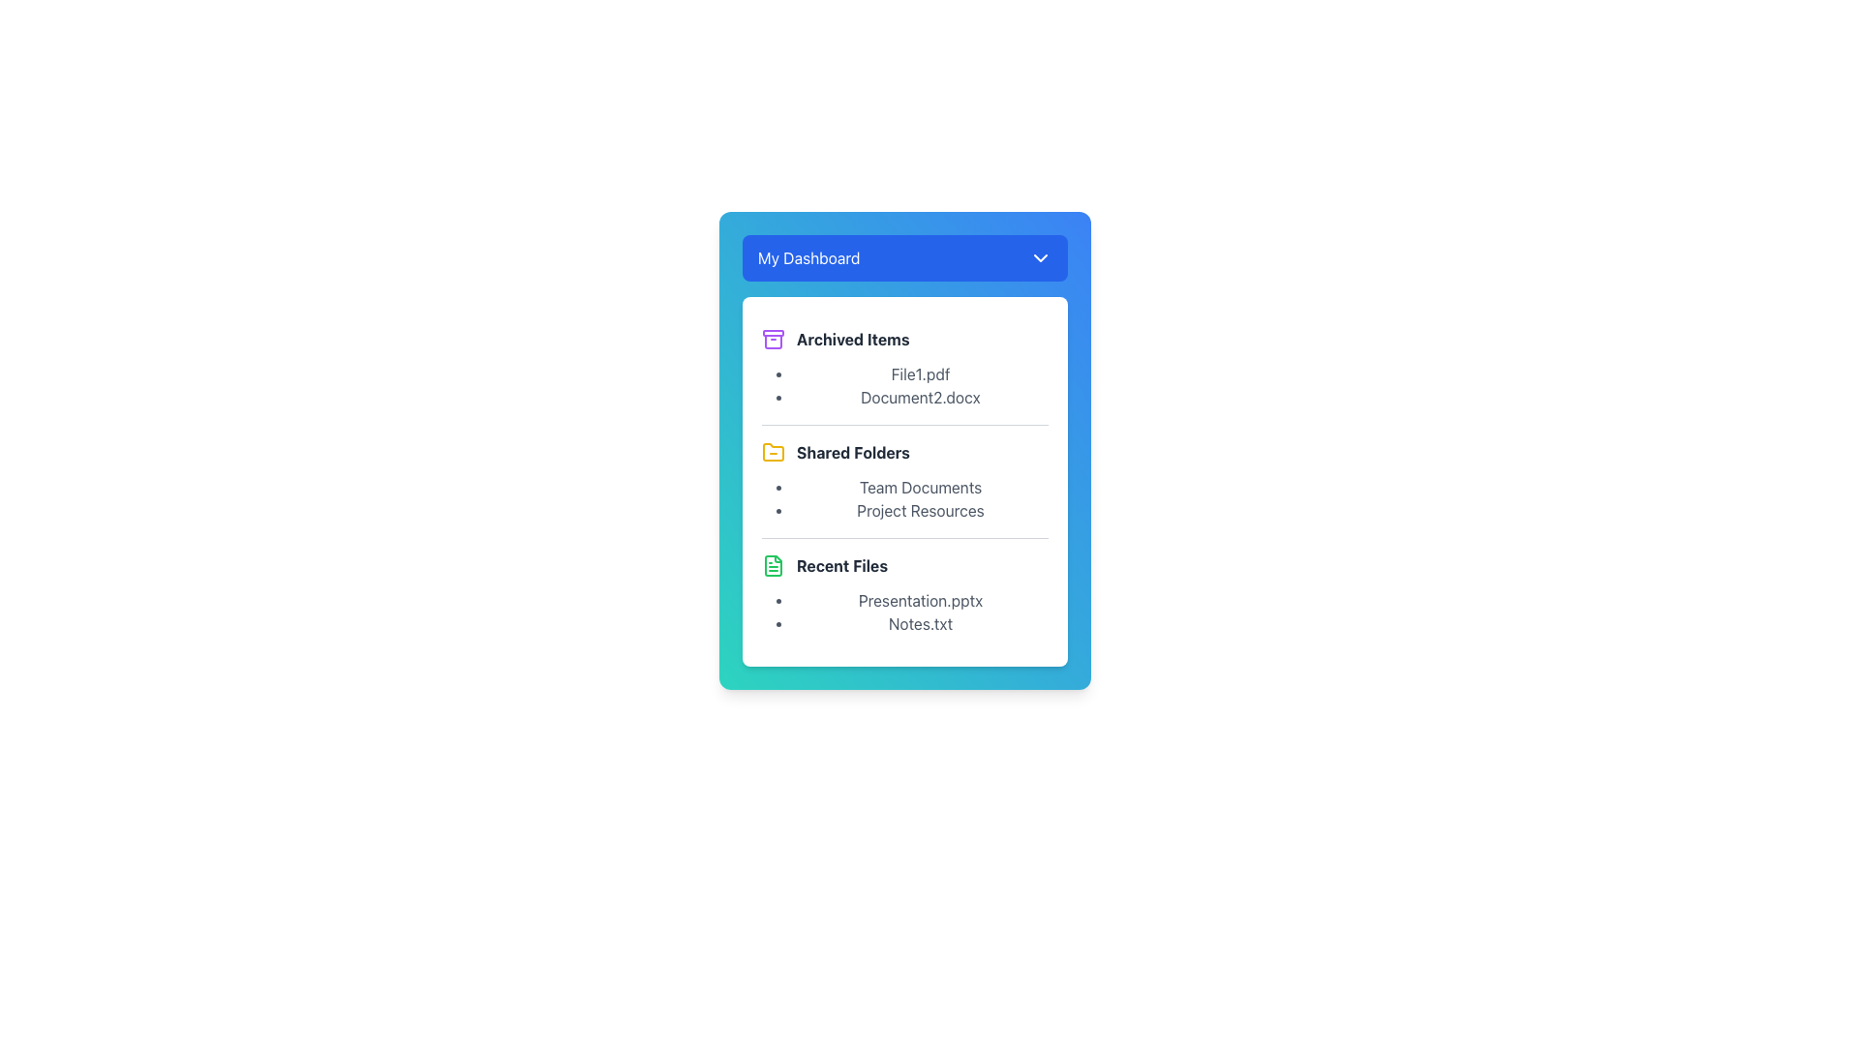  I want to click on the first bulleted list representing 'Archived Items' in the interface, so click(904, 385).